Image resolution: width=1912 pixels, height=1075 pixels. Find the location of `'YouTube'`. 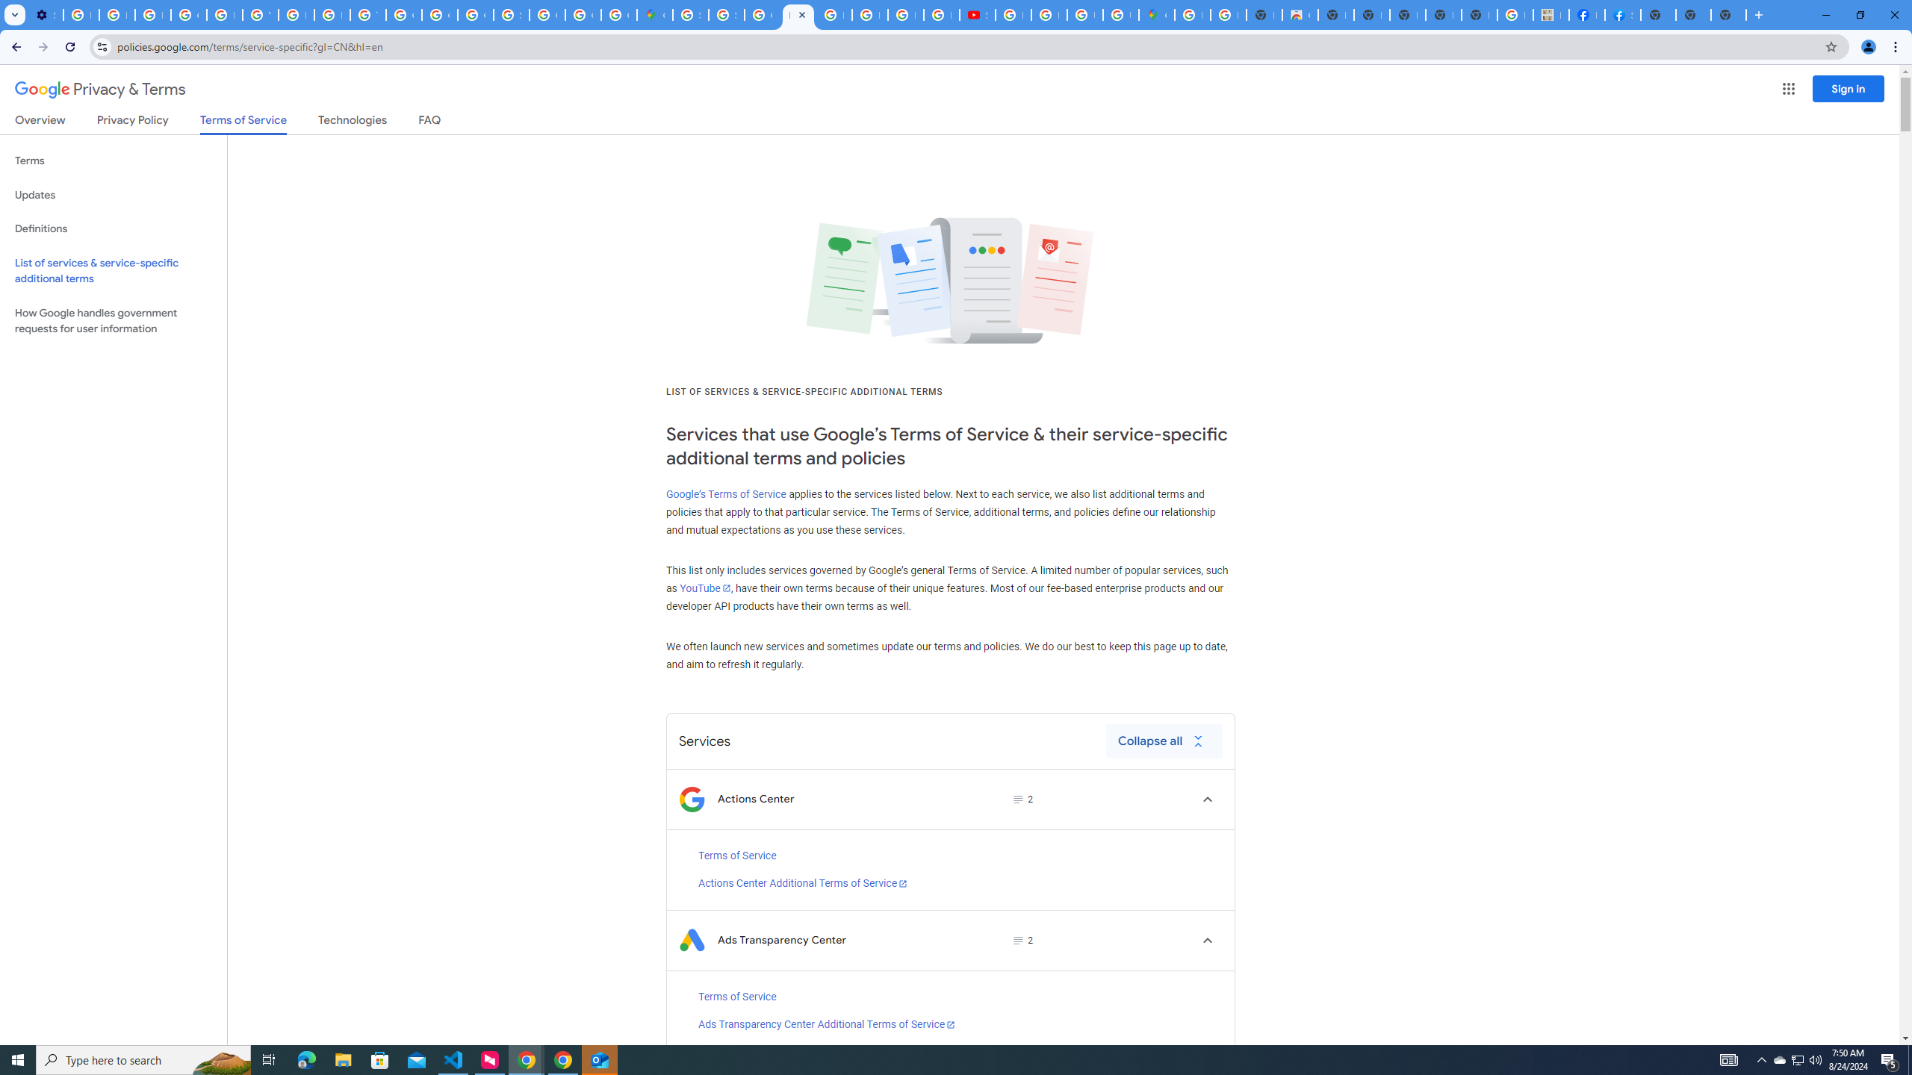

'YouTube' is located at coordinates (704, 587).